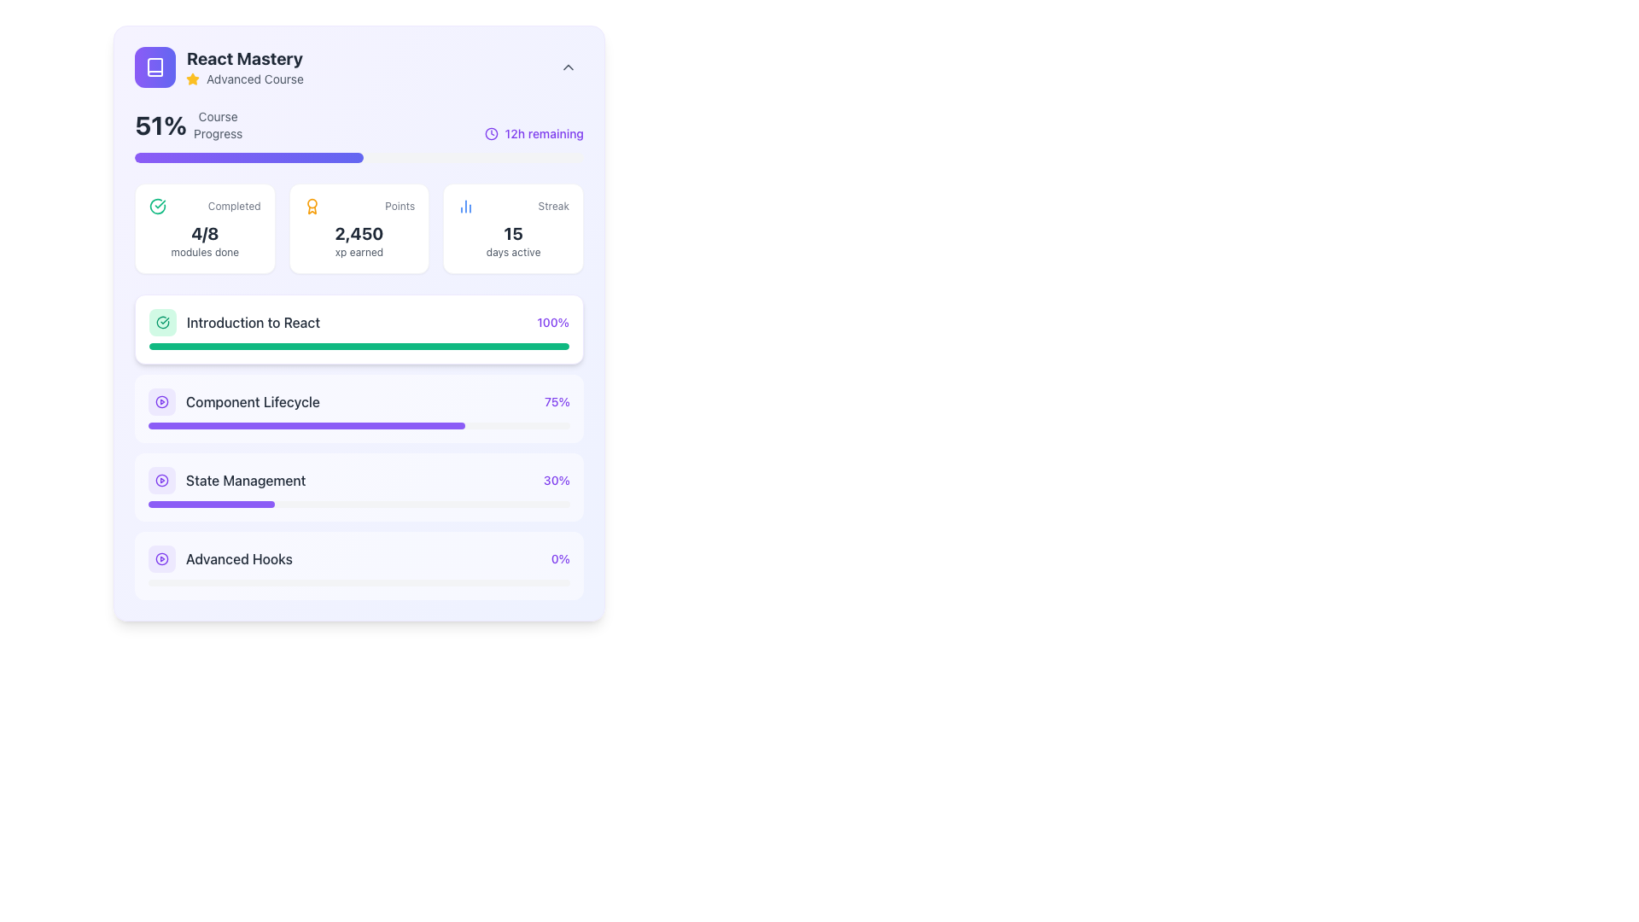  What do you see at coordinates (238, 559) in the screenshot?
I see `the last text label representing a module in the course curriculum, located just below 'State Management' in the fourth row of the list` at bounding box center [238, 559].